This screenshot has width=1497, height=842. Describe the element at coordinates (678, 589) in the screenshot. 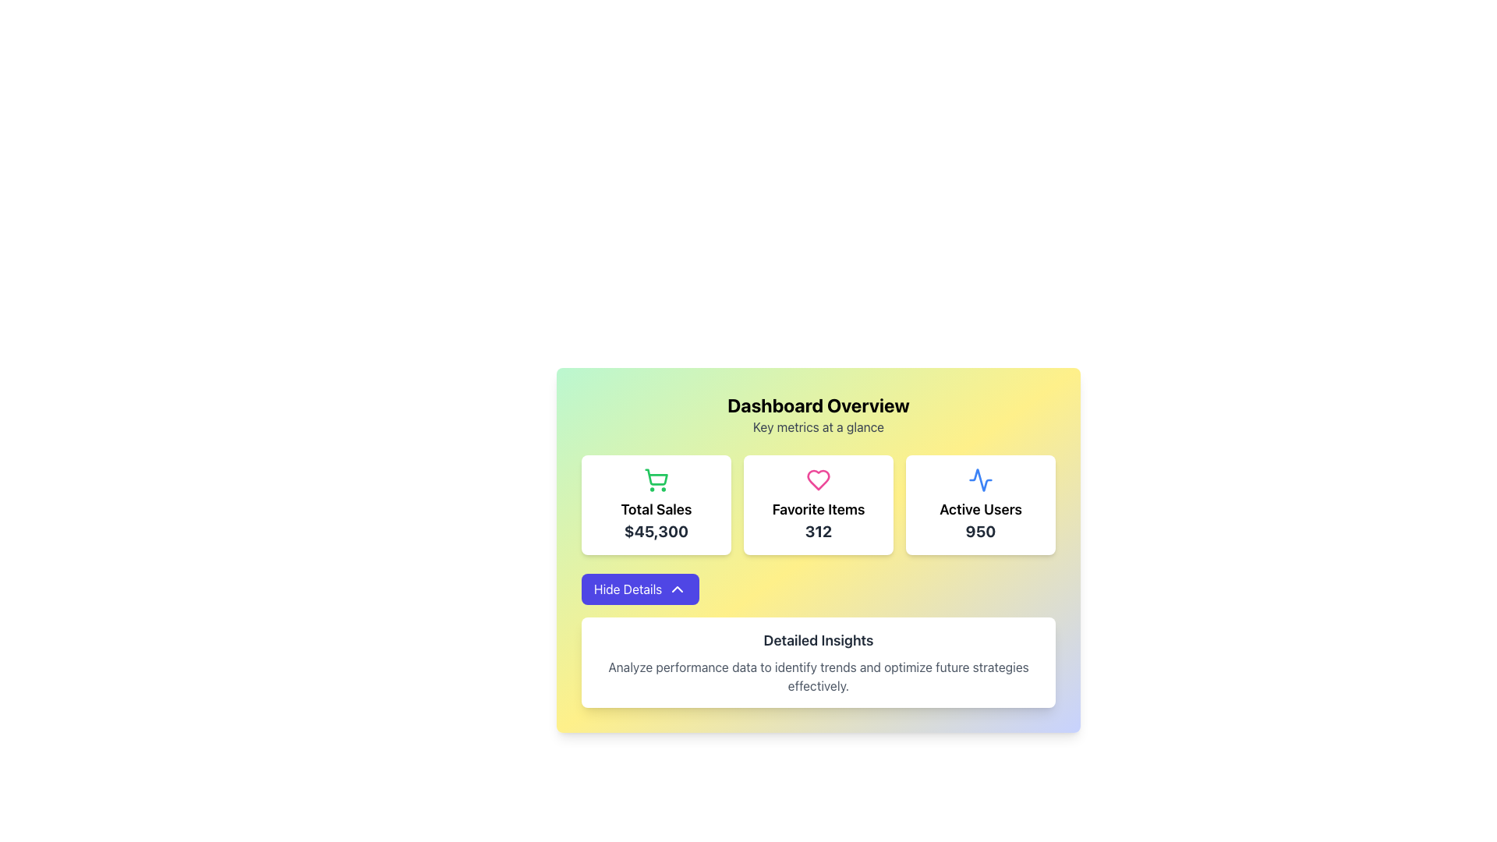

I see `the upwards-facing chevron icon embedded within the blue button labeled 'Hide Details' located at the bottom-left corner of the dashboard card` at that location.